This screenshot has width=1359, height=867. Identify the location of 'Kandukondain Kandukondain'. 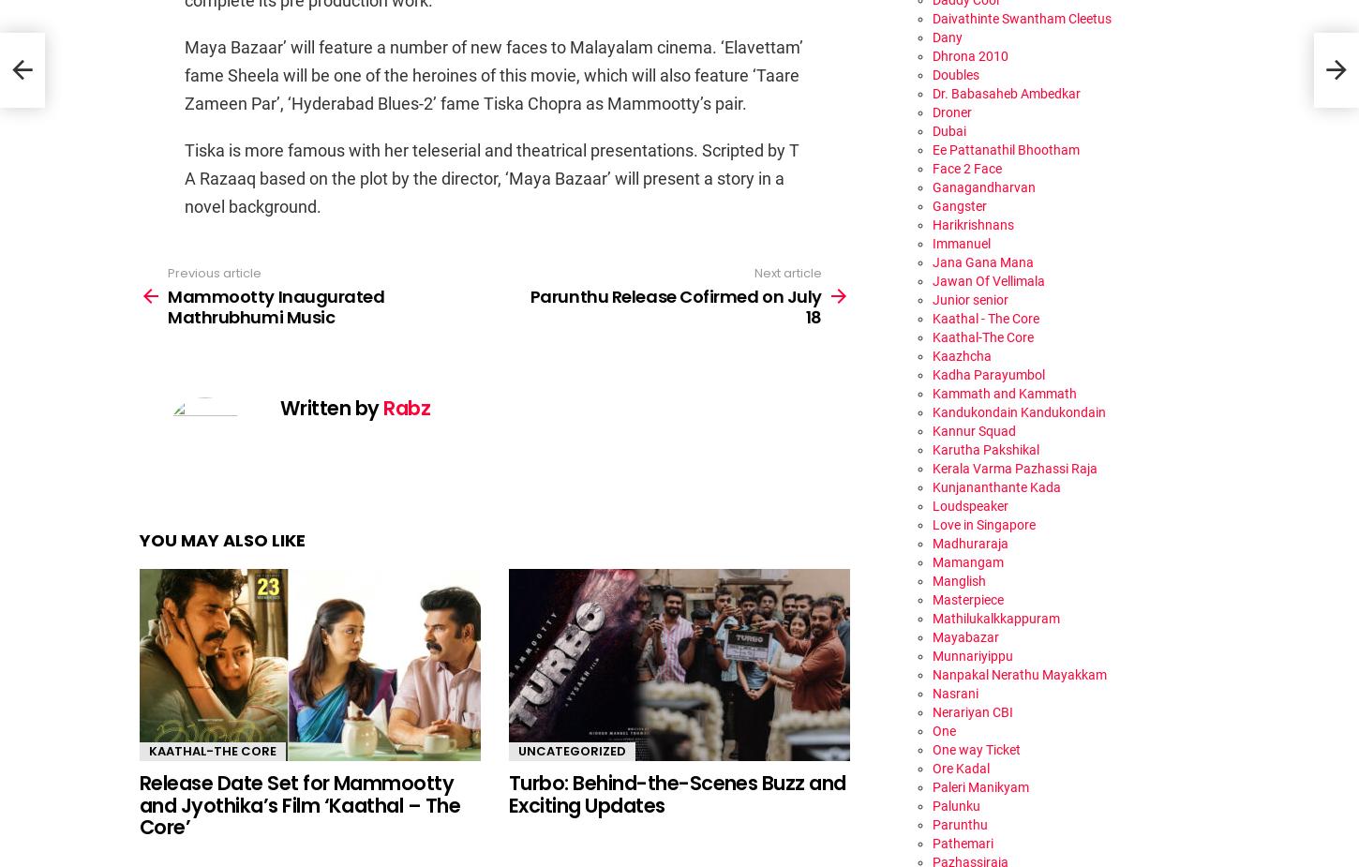
(932, 411).